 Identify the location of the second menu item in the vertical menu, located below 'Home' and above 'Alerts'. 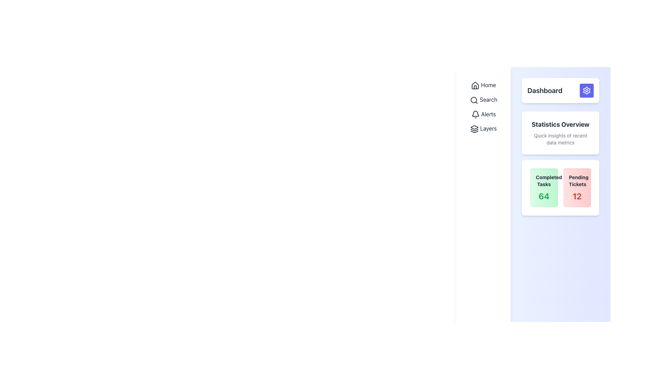
(483, 100).